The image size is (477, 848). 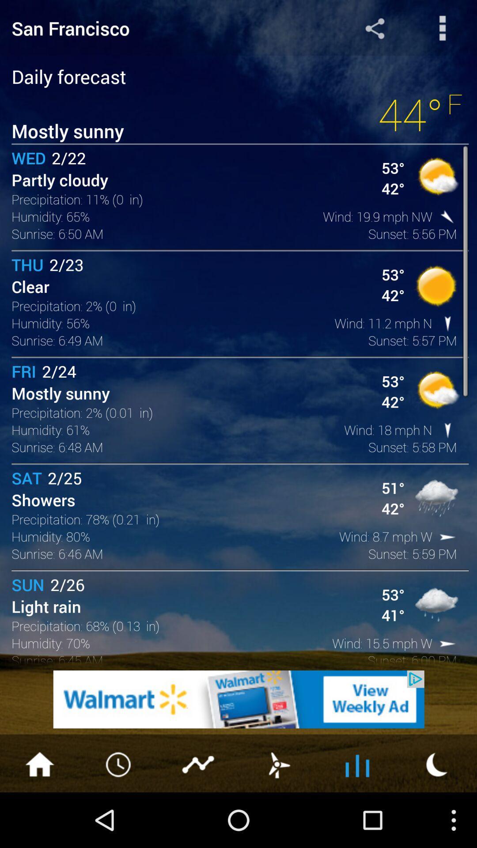 I want to click on the weather icon, so click(x=437, y=817).